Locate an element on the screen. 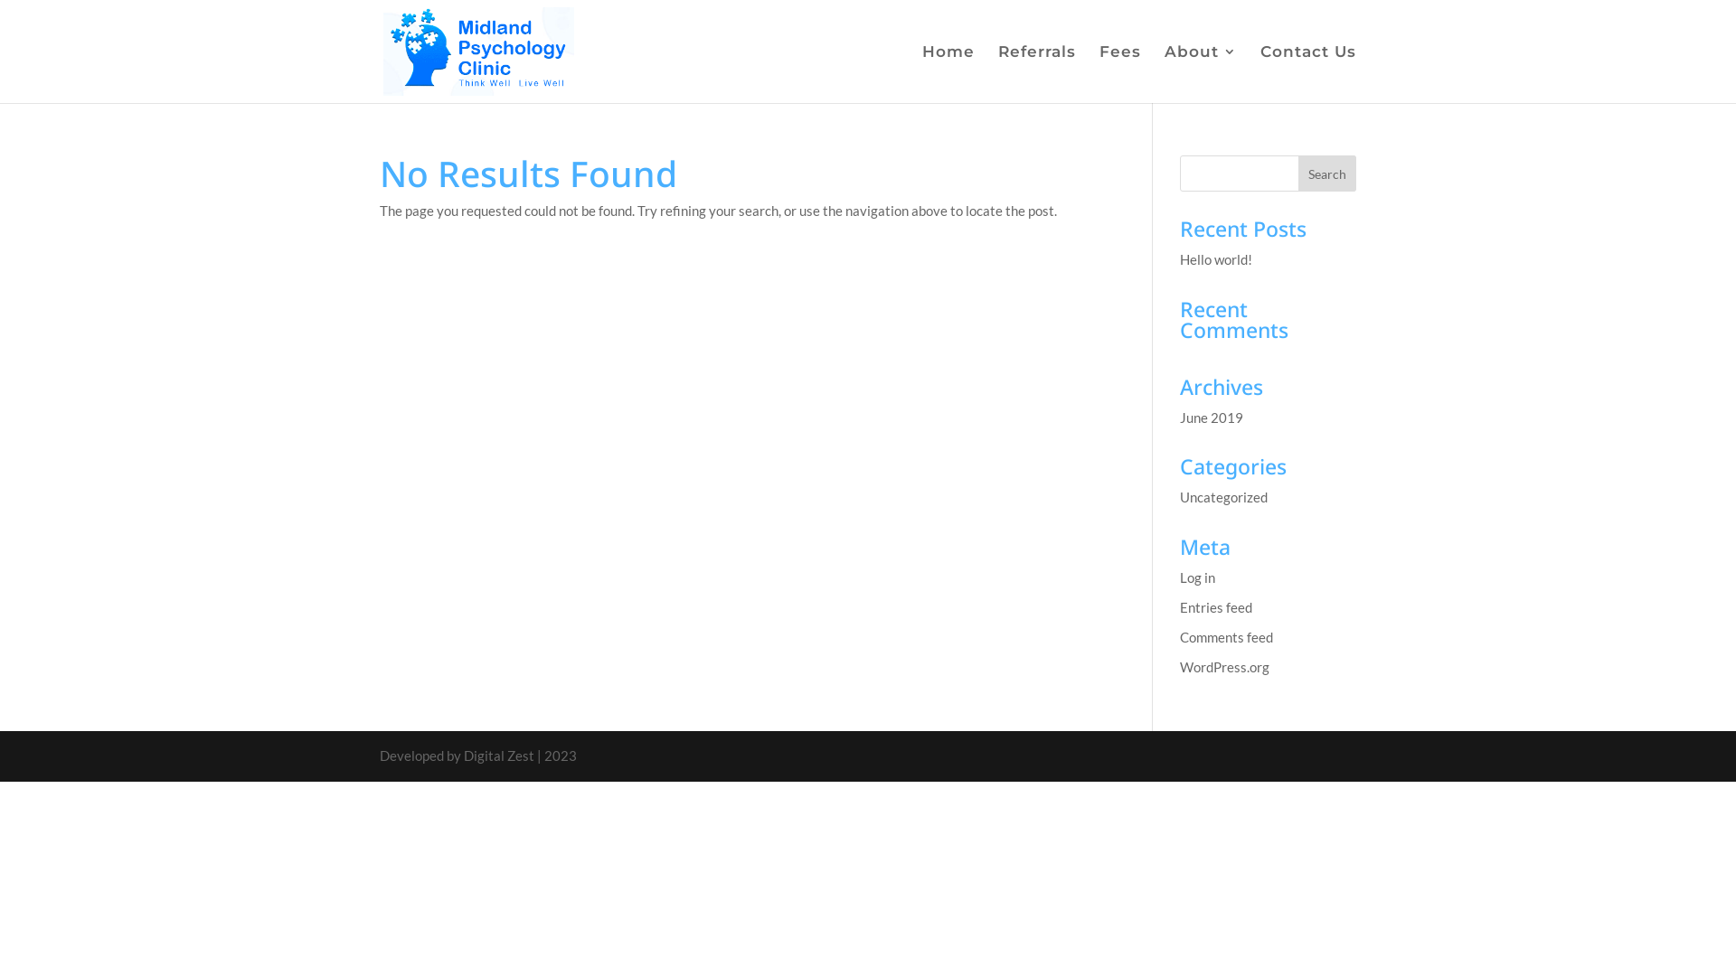 Image resolution: width=1736 pixels, height=976 pixels. 'About' is located at coordinates (1201, 72).